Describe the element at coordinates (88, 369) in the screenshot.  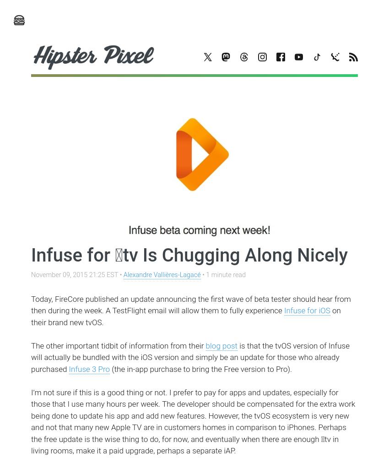
I see `'Infuse 3 Pro'` at that location.